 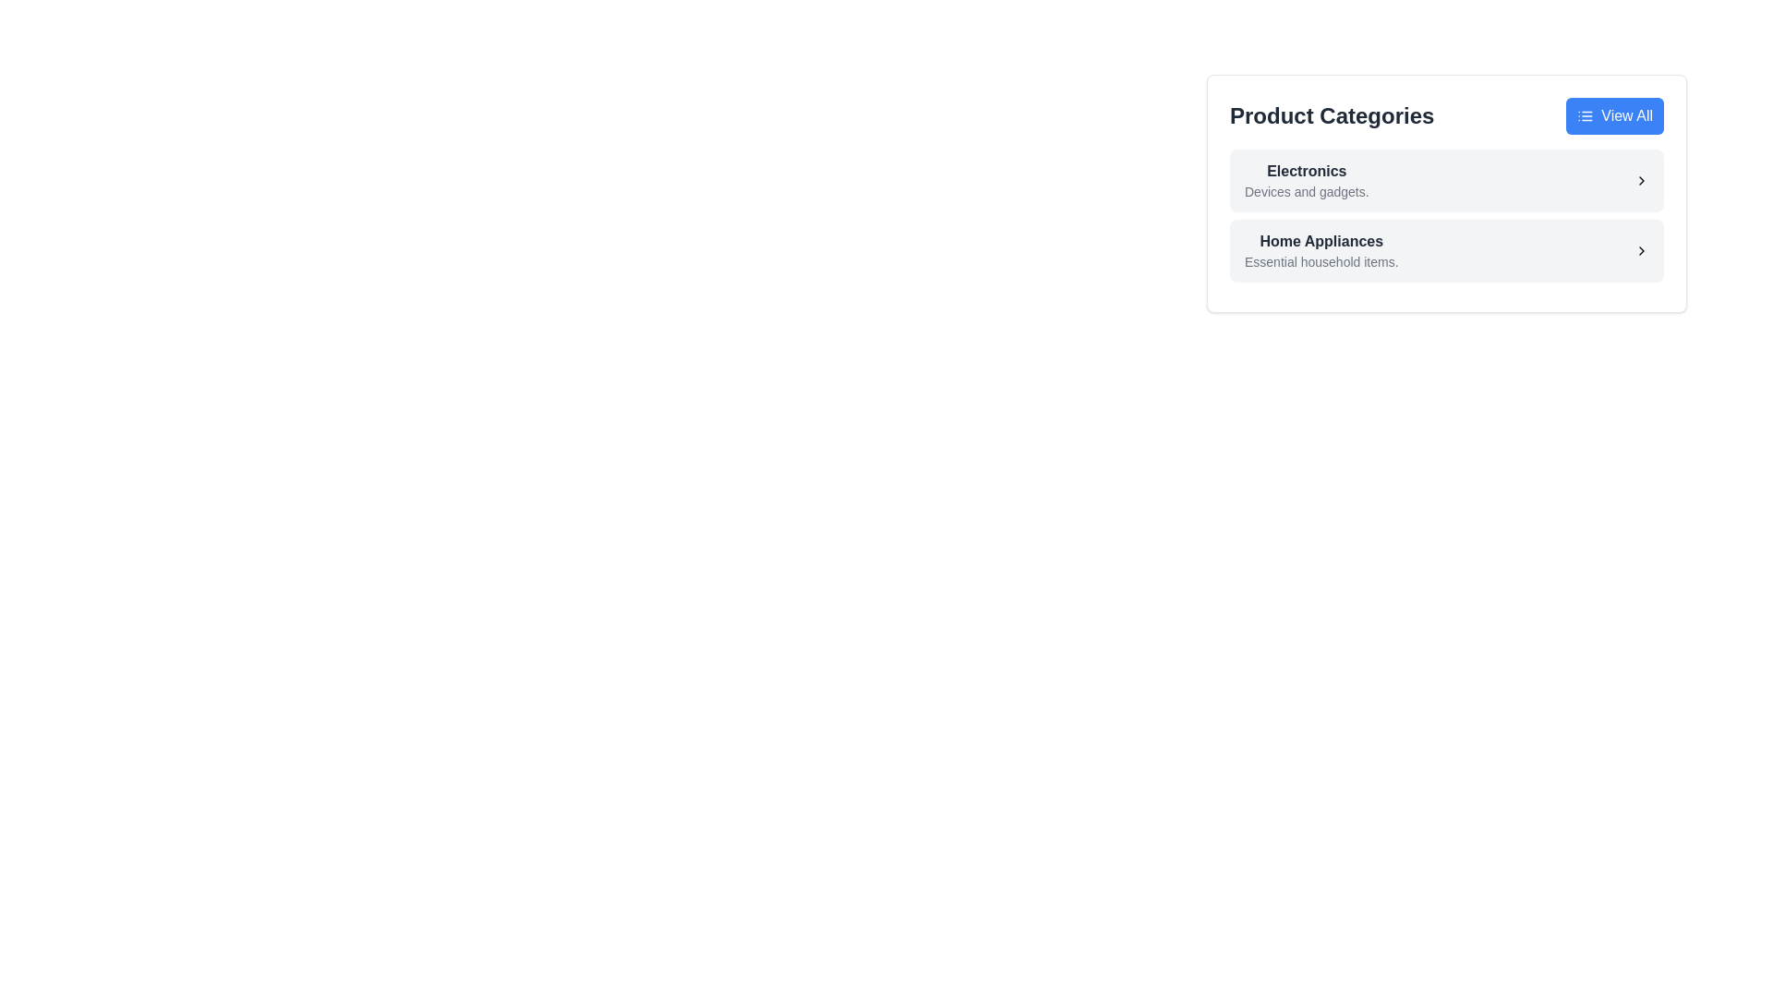 What do you see at coordinates (1641, 251) in the screenshot?
I see `the right-pointing chevron icon located at the rightmost edge of the 'Home Appliances' category block` at bounding box center [1641, 251].